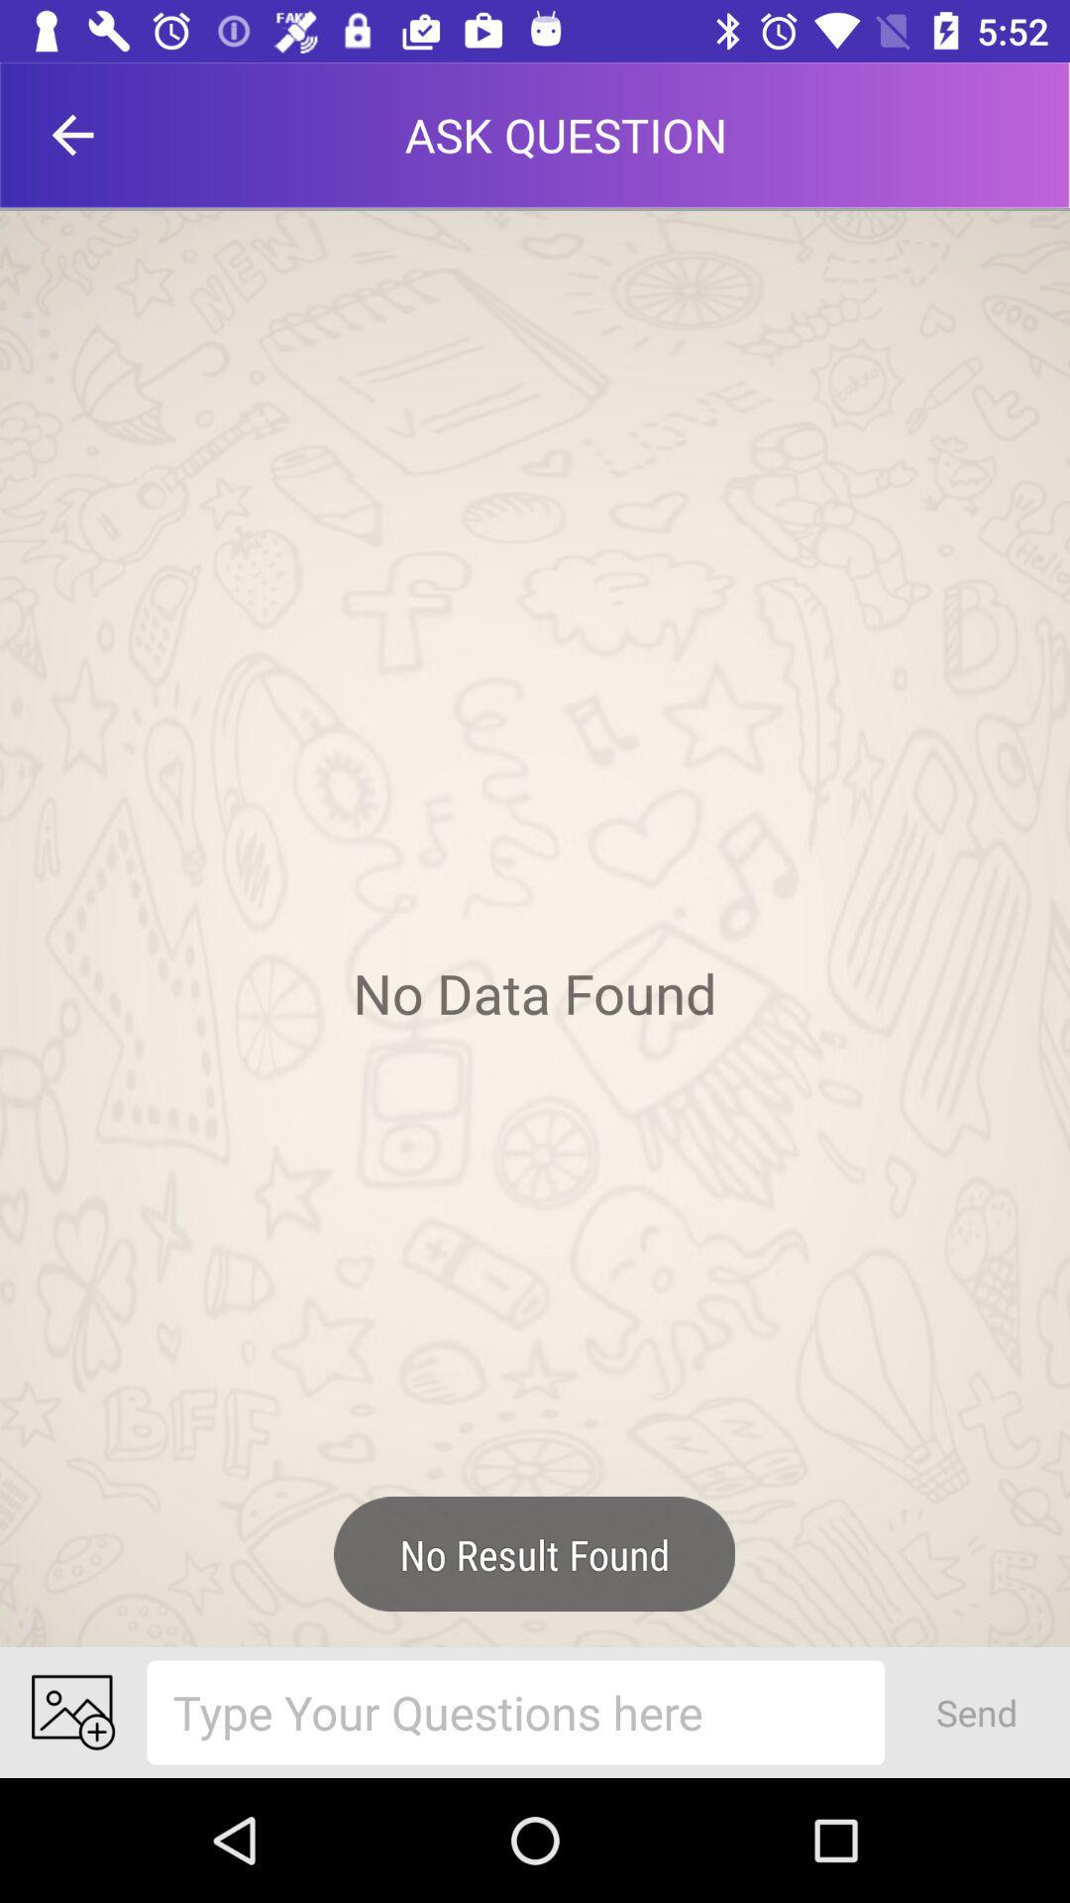 The image size is (1070, 1903). I want to click on the wallpaper icon, so click(72, 1712).